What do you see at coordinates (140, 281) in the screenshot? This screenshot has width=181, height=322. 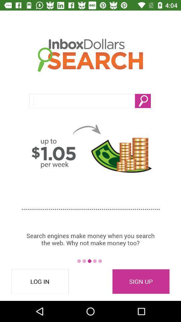 I see `item to the right of log in item` at bounding box center [140, 281].